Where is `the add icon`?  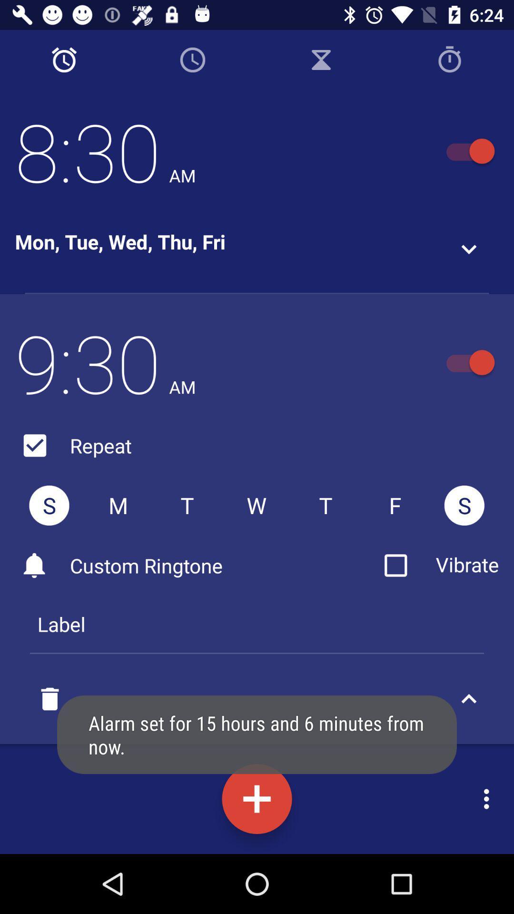
the add icon is located at coordinates (257, 799).